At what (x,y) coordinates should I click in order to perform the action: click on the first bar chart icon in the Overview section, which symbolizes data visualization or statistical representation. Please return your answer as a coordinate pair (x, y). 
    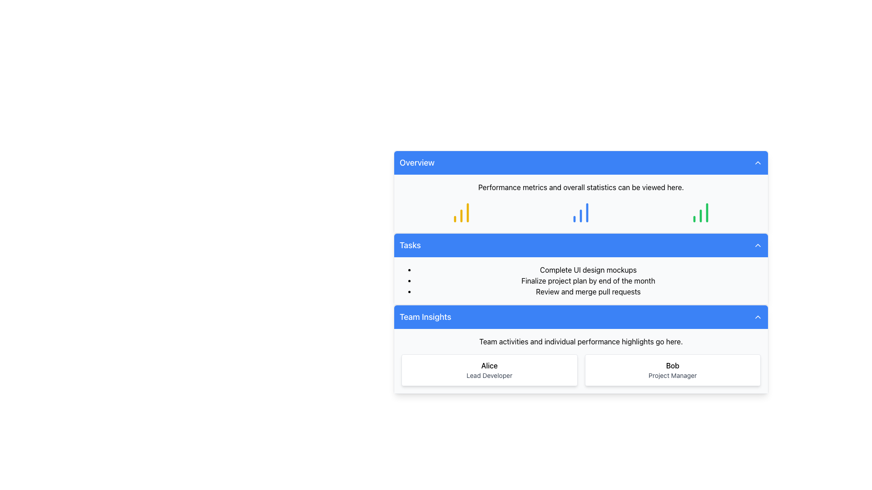
    Looking at the image, I should click on (461, 213).